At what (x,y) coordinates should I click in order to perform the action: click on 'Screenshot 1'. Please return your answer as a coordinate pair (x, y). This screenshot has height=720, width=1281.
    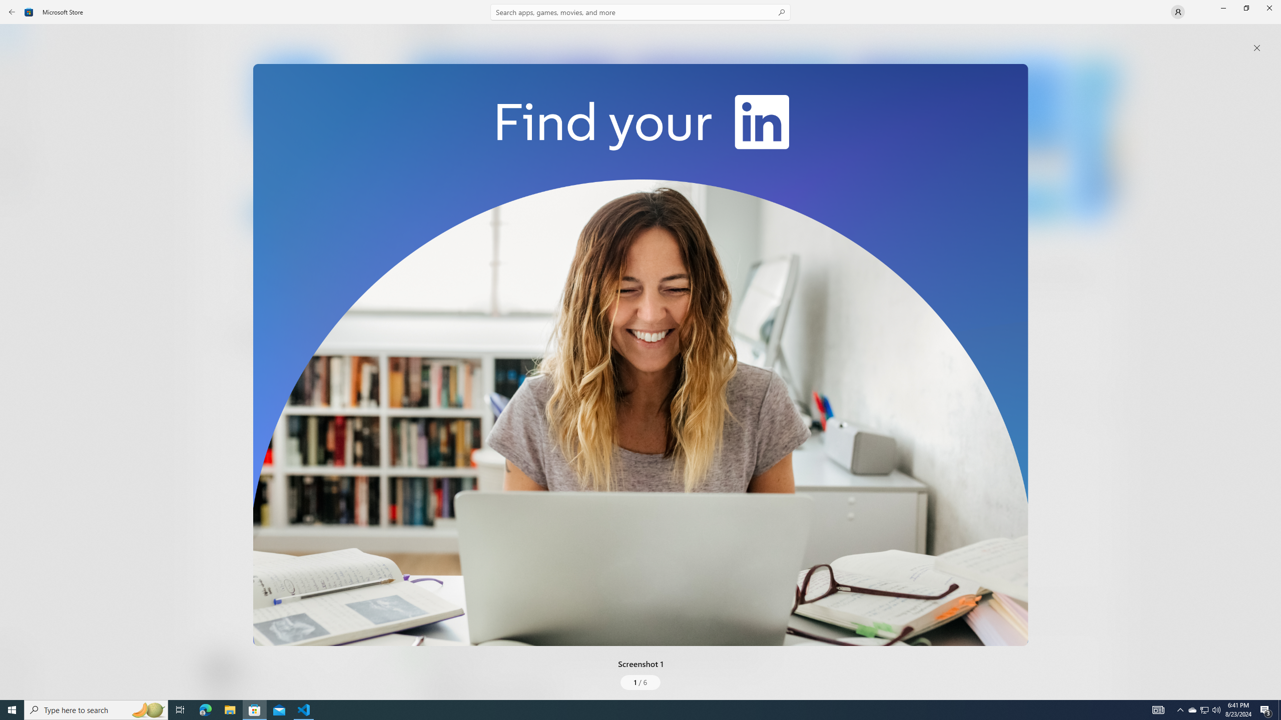
    Looking at the image, I should click on (640, 354).